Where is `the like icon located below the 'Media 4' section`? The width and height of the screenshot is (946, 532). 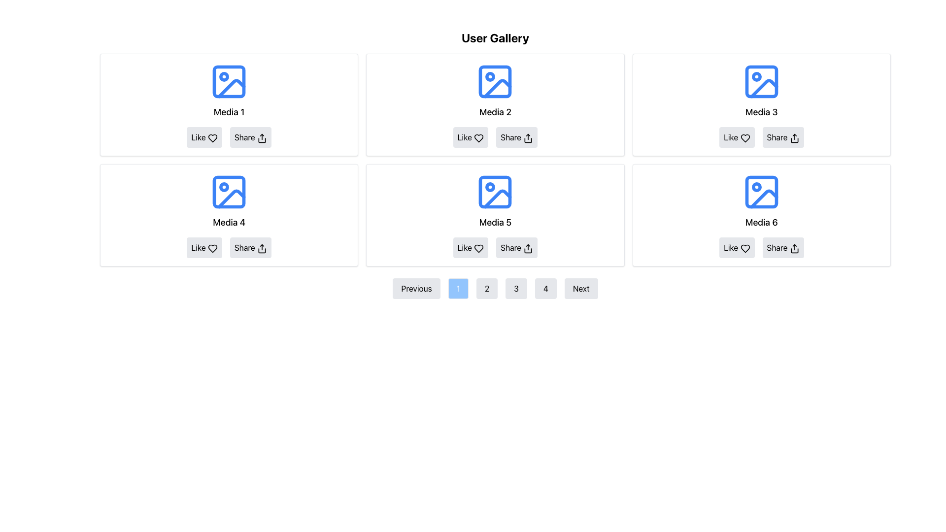
the like icon located below the 'Media 4' section is located at coordinates (212, 248).